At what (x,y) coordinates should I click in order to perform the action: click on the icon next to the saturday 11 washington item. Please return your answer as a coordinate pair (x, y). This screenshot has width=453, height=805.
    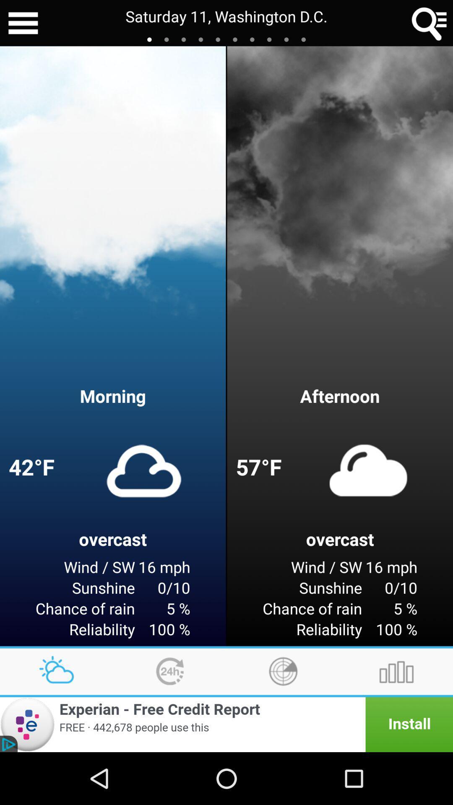
    Looking at the image, I should click on (23, 23).